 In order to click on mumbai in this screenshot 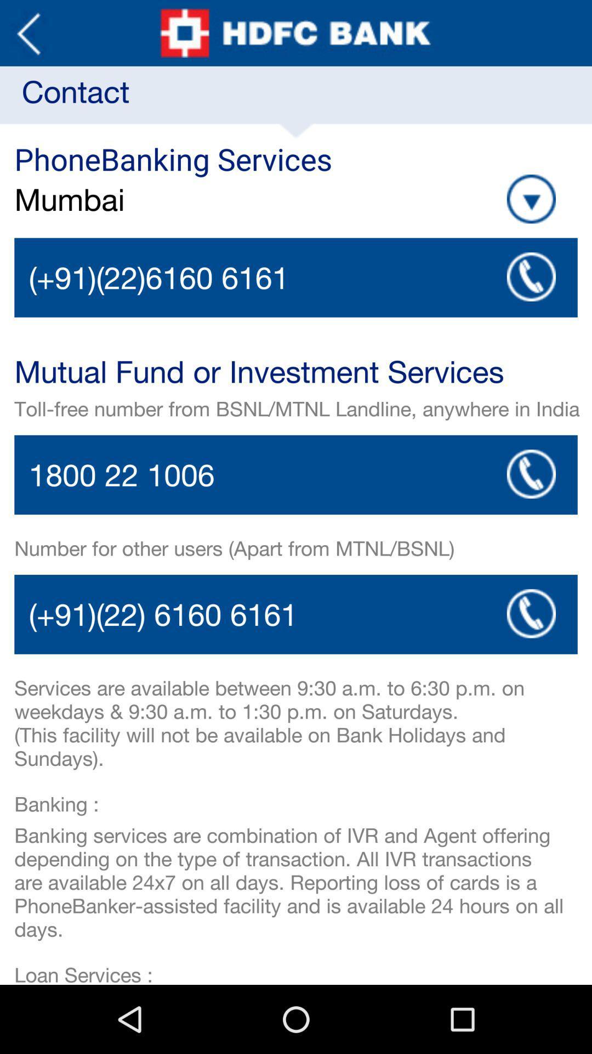, I will do `click(179, 199)`.